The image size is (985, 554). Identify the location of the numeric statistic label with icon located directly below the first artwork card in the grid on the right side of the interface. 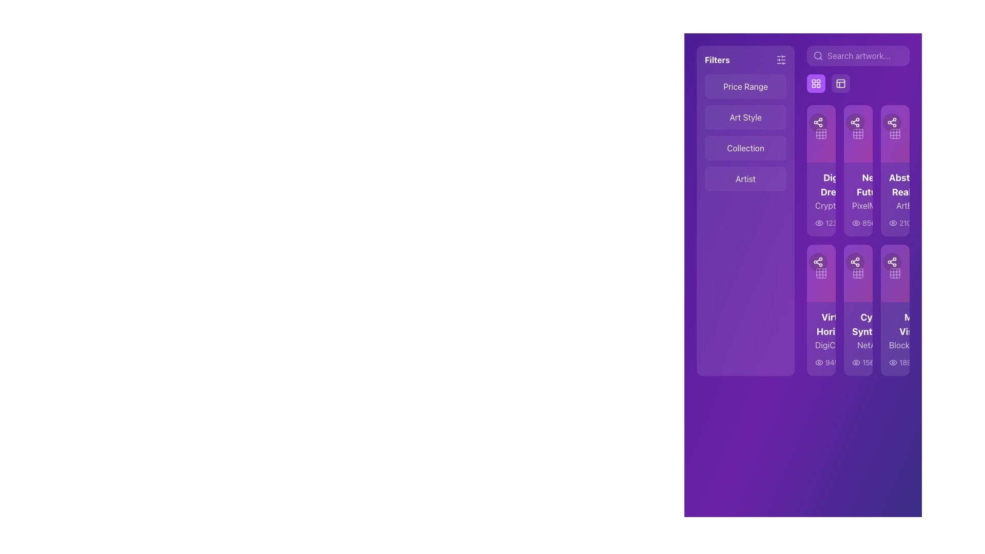
(829, 223).